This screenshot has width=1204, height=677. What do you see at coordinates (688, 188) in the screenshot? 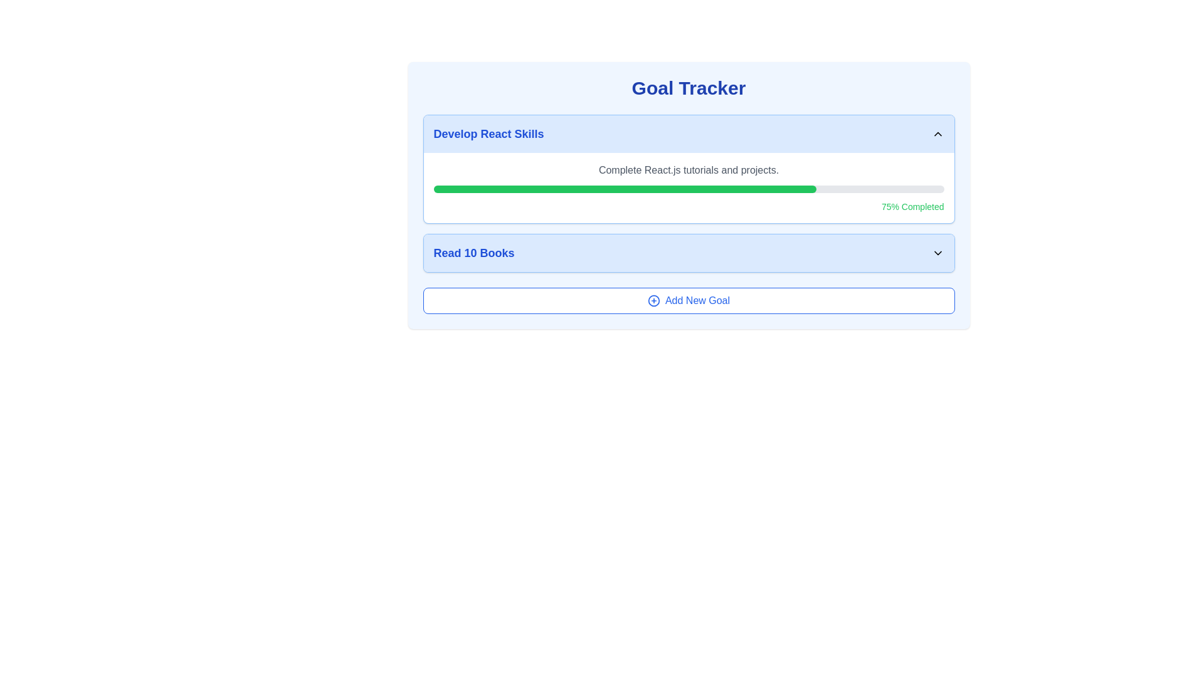
I see `the progress bar element that visually represents the progress of completing React.js tutorials and projects, located below the 'Develop React Skills' section header` at bounding box center [688, 188].